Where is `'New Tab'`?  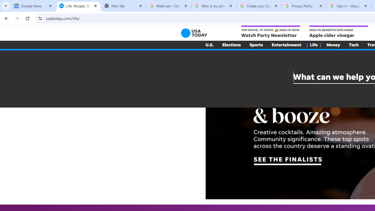
'New Tab' is located at coordinates (123, 6).